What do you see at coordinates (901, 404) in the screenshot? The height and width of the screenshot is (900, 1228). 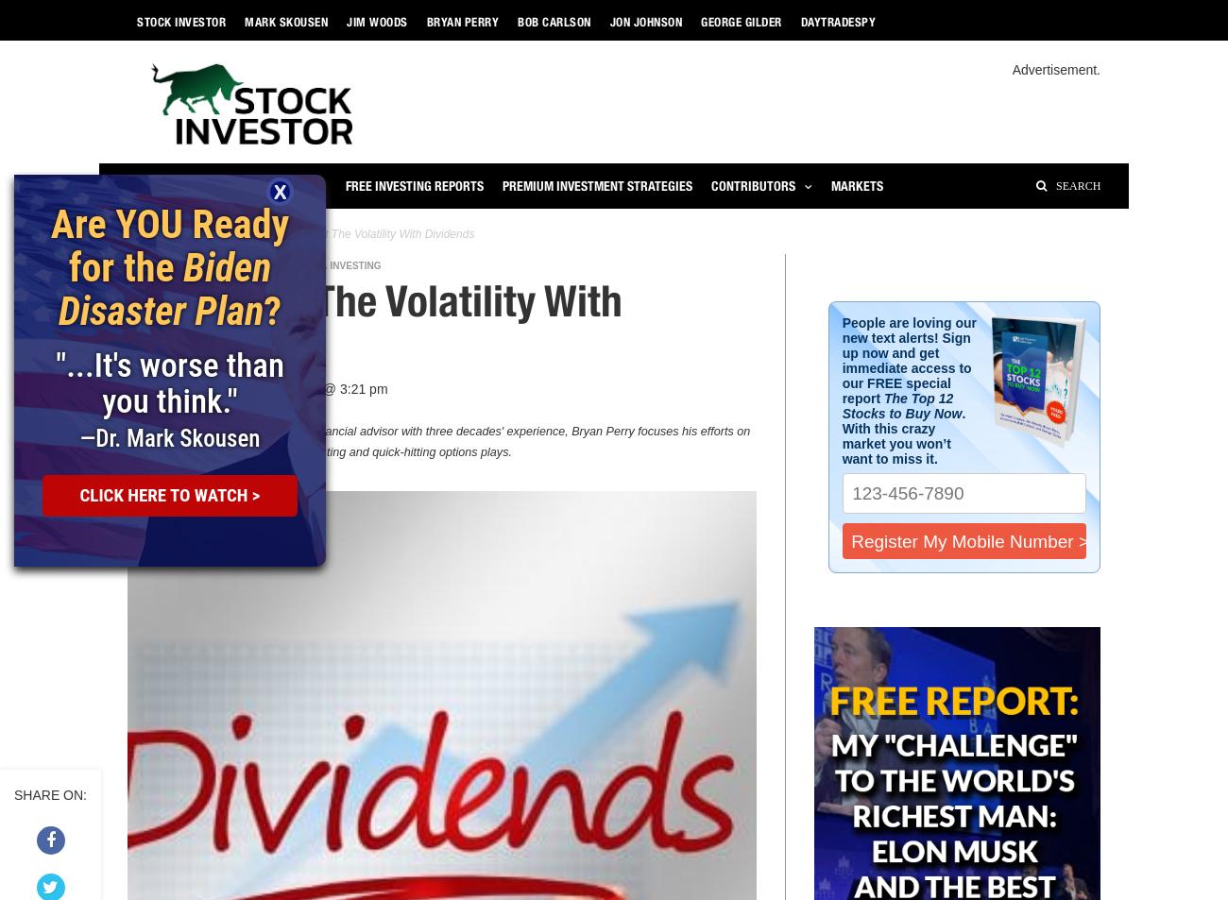 I see `'The Top 12 Stocks to Buy Now'` at bounding box center [901, 404].